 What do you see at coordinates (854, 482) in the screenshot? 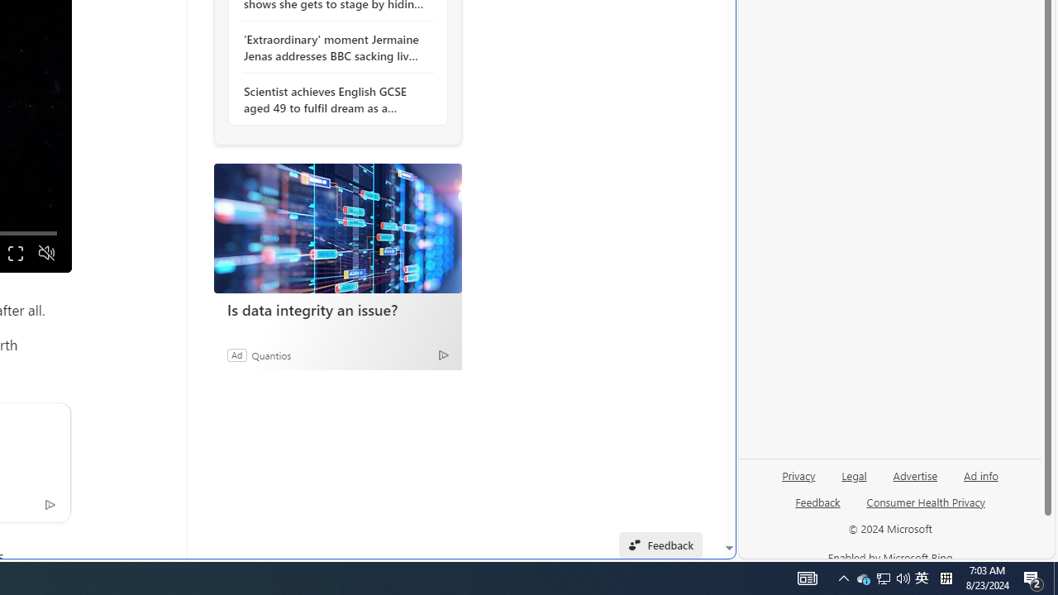
I see `'Legal'` at bounding box center [854, 482].